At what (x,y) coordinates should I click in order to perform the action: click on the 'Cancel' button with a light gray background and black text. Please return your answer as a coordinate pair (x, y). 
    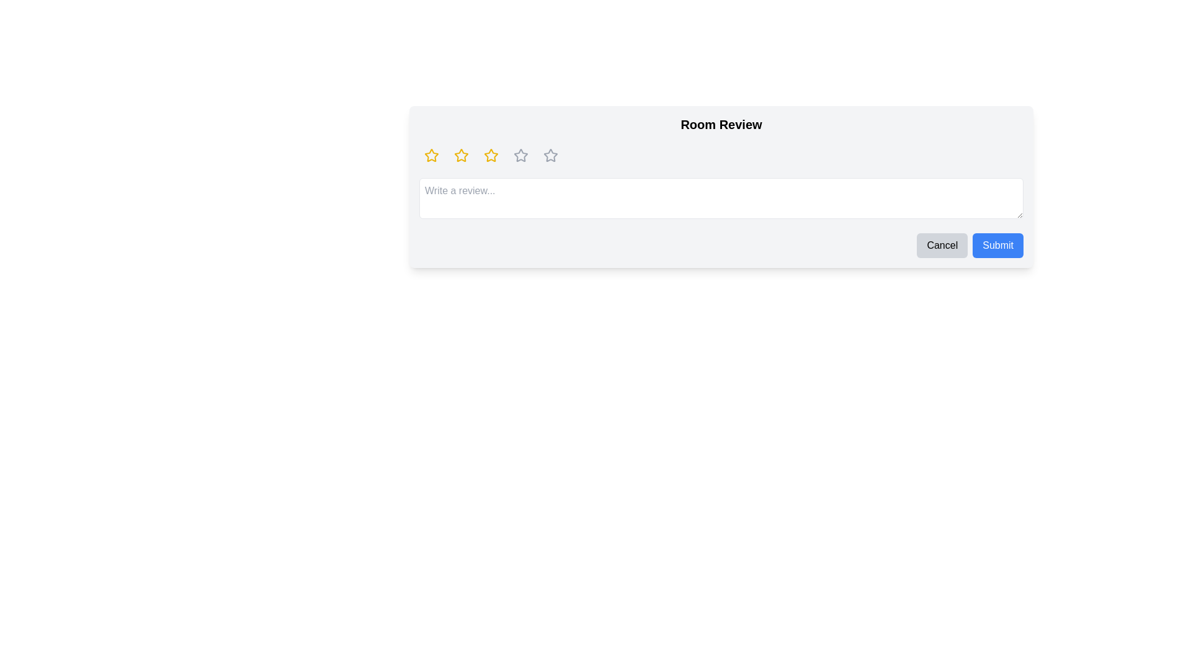
    Looking at the image, I should click on (942, 246).